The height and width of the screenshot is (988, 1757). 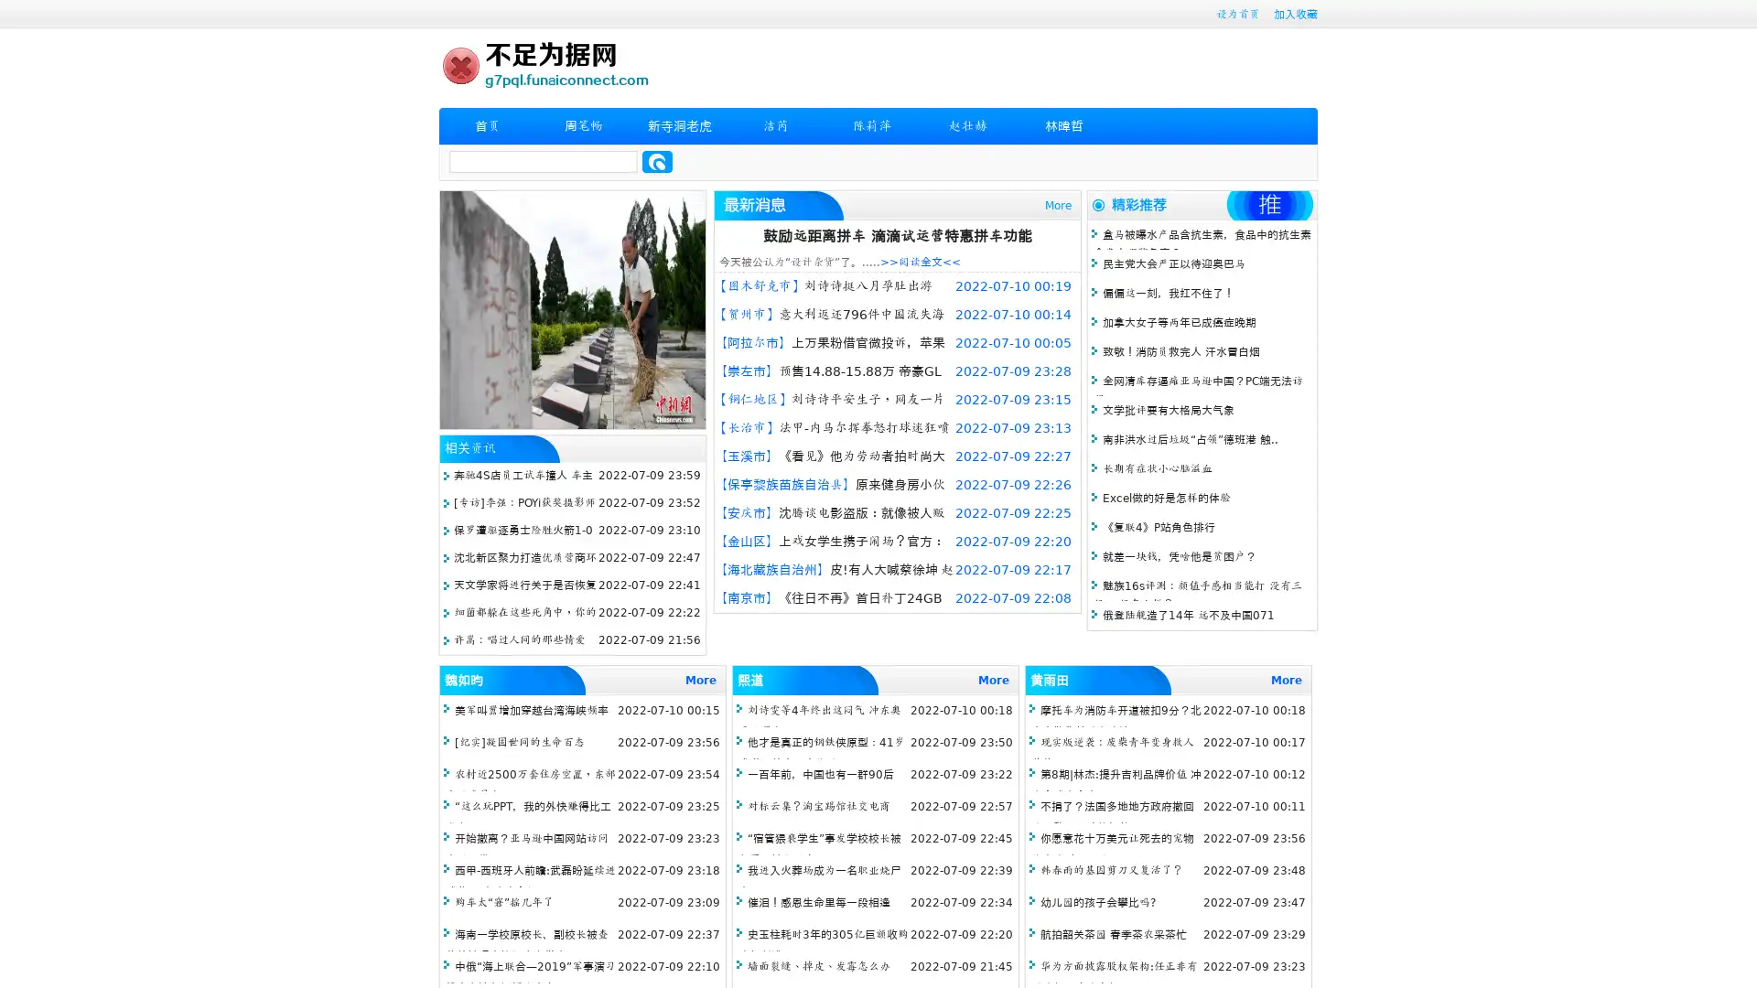 I want to click on Search, so click(x=657, y=161).